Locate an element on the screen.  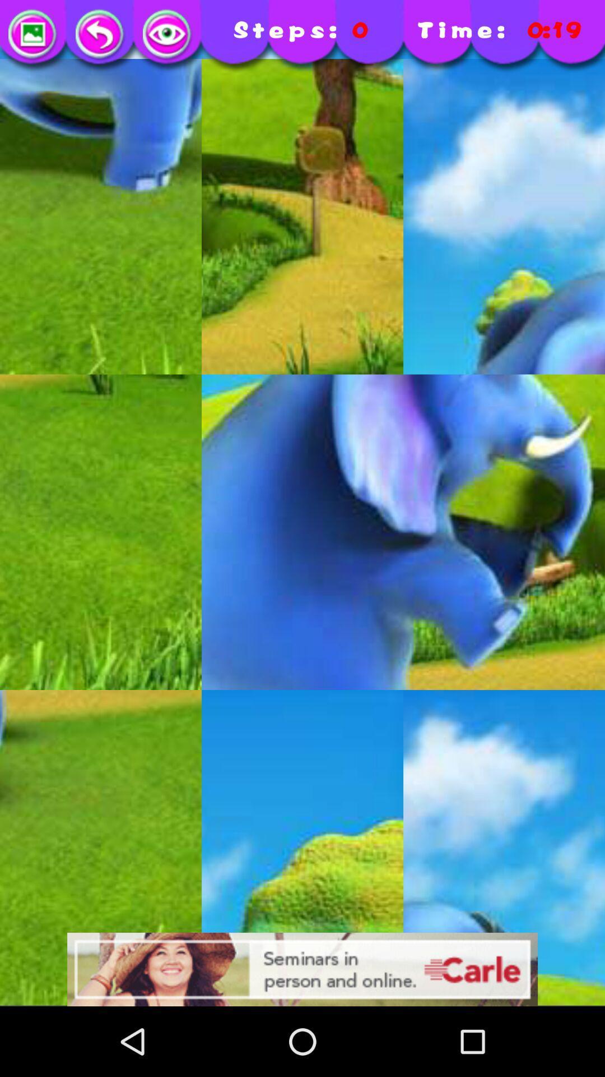
click the image is located at coordinates (168, 35).